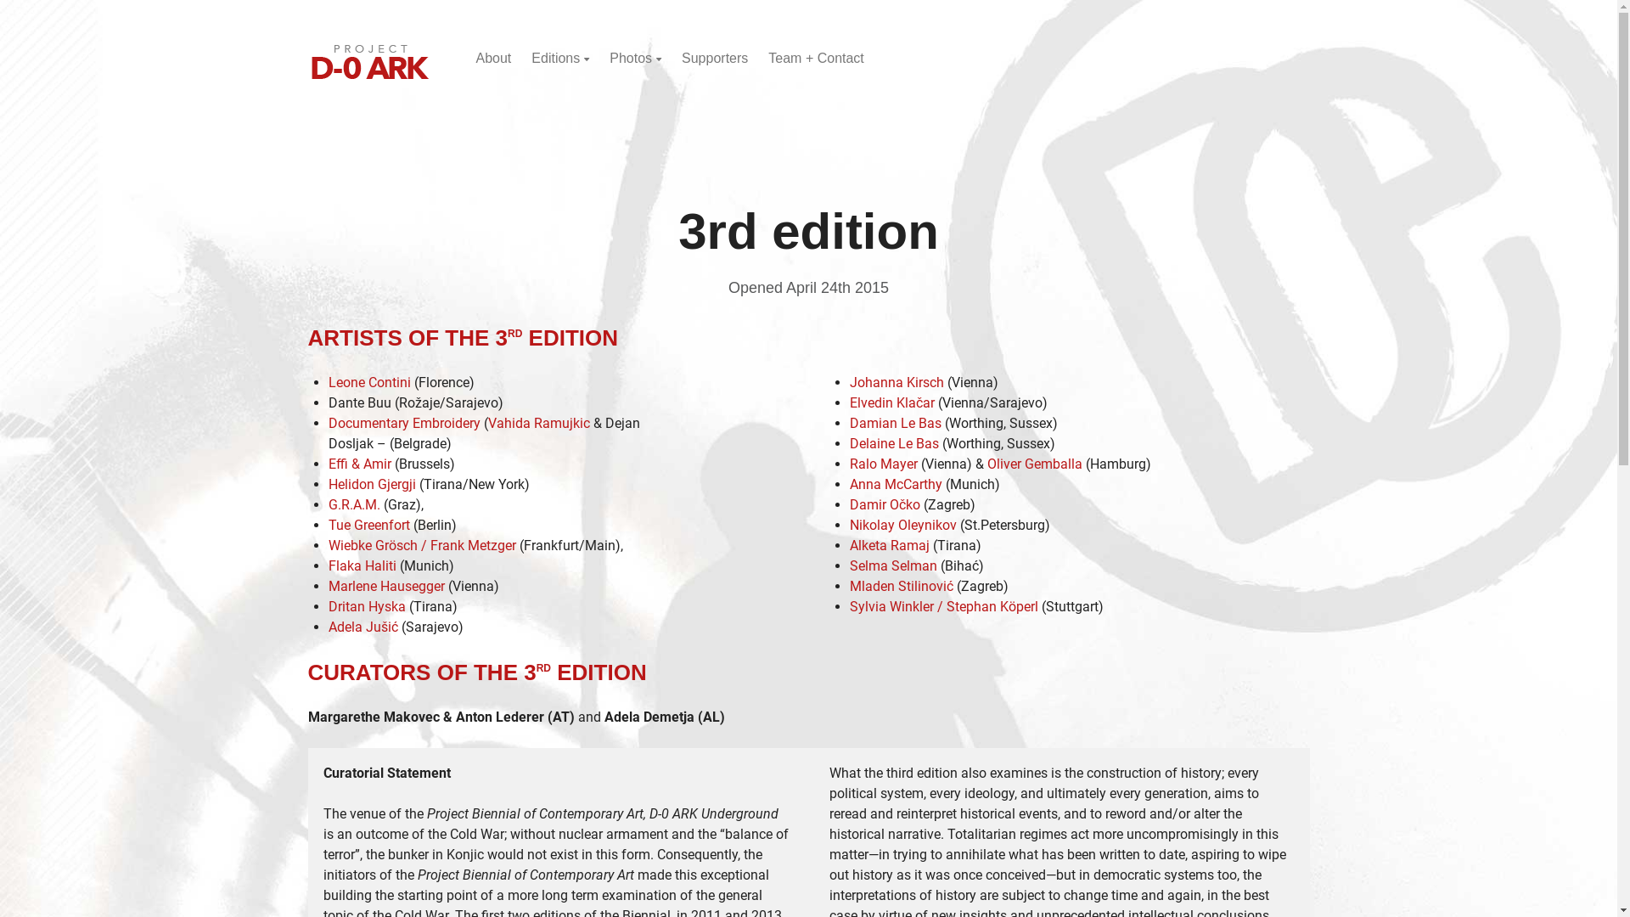 The height and width of the screenshot is (917, 1630). I want to click on 'Leone Contini', so click(368, 382).